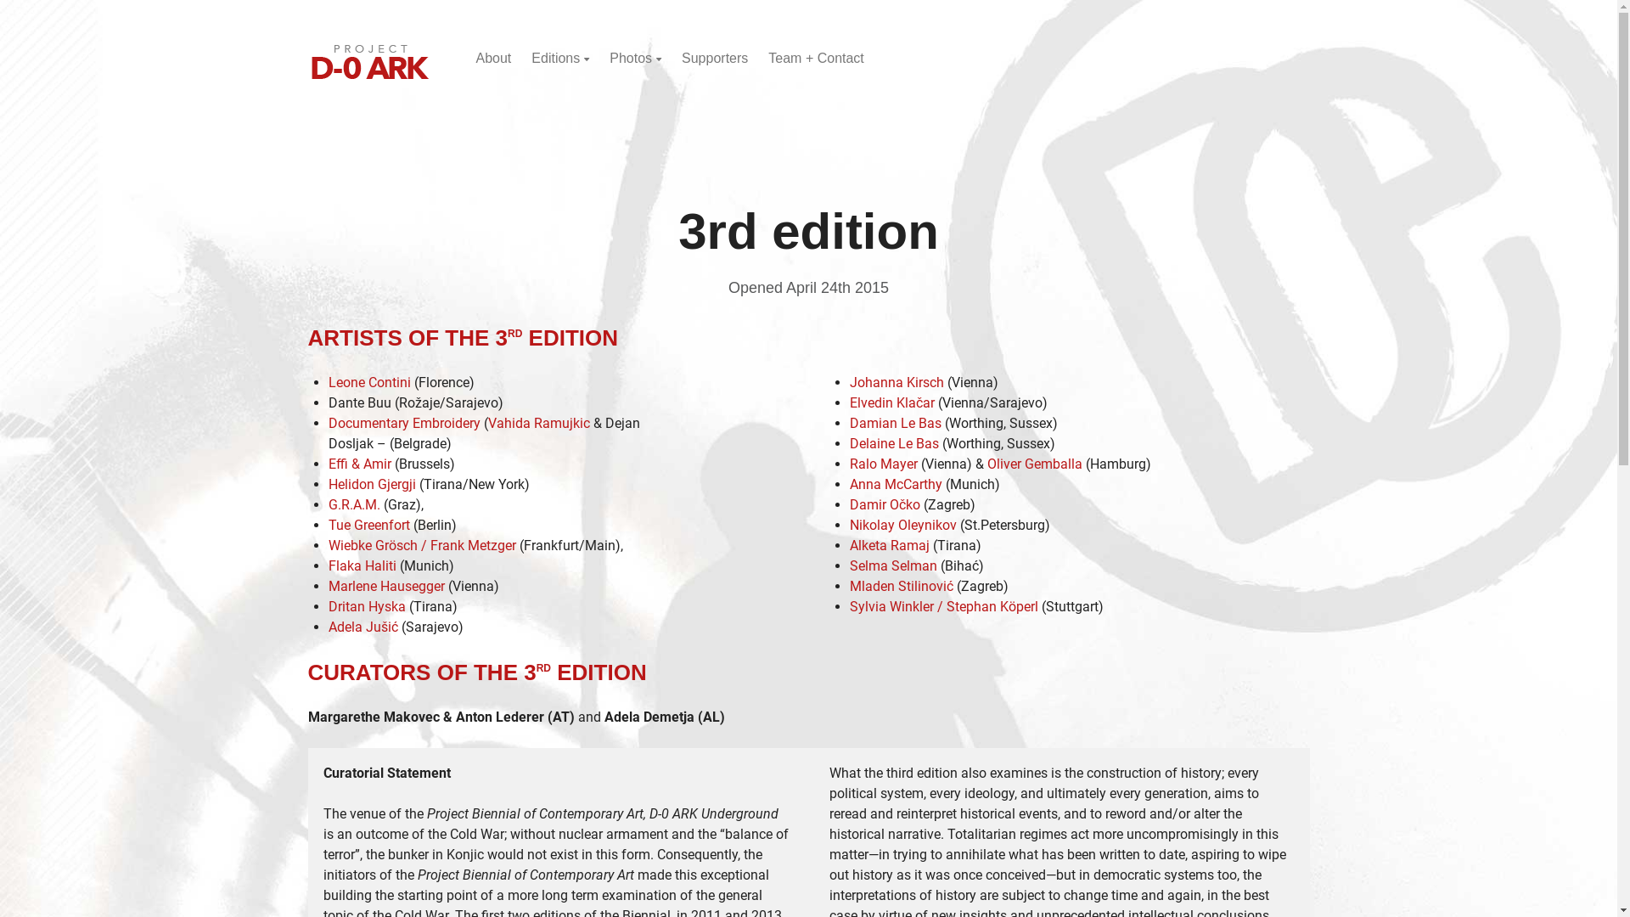 The height and width of the screenshot is (917, 1630). I want to click on 'Leone Contini', so click(368, 382).